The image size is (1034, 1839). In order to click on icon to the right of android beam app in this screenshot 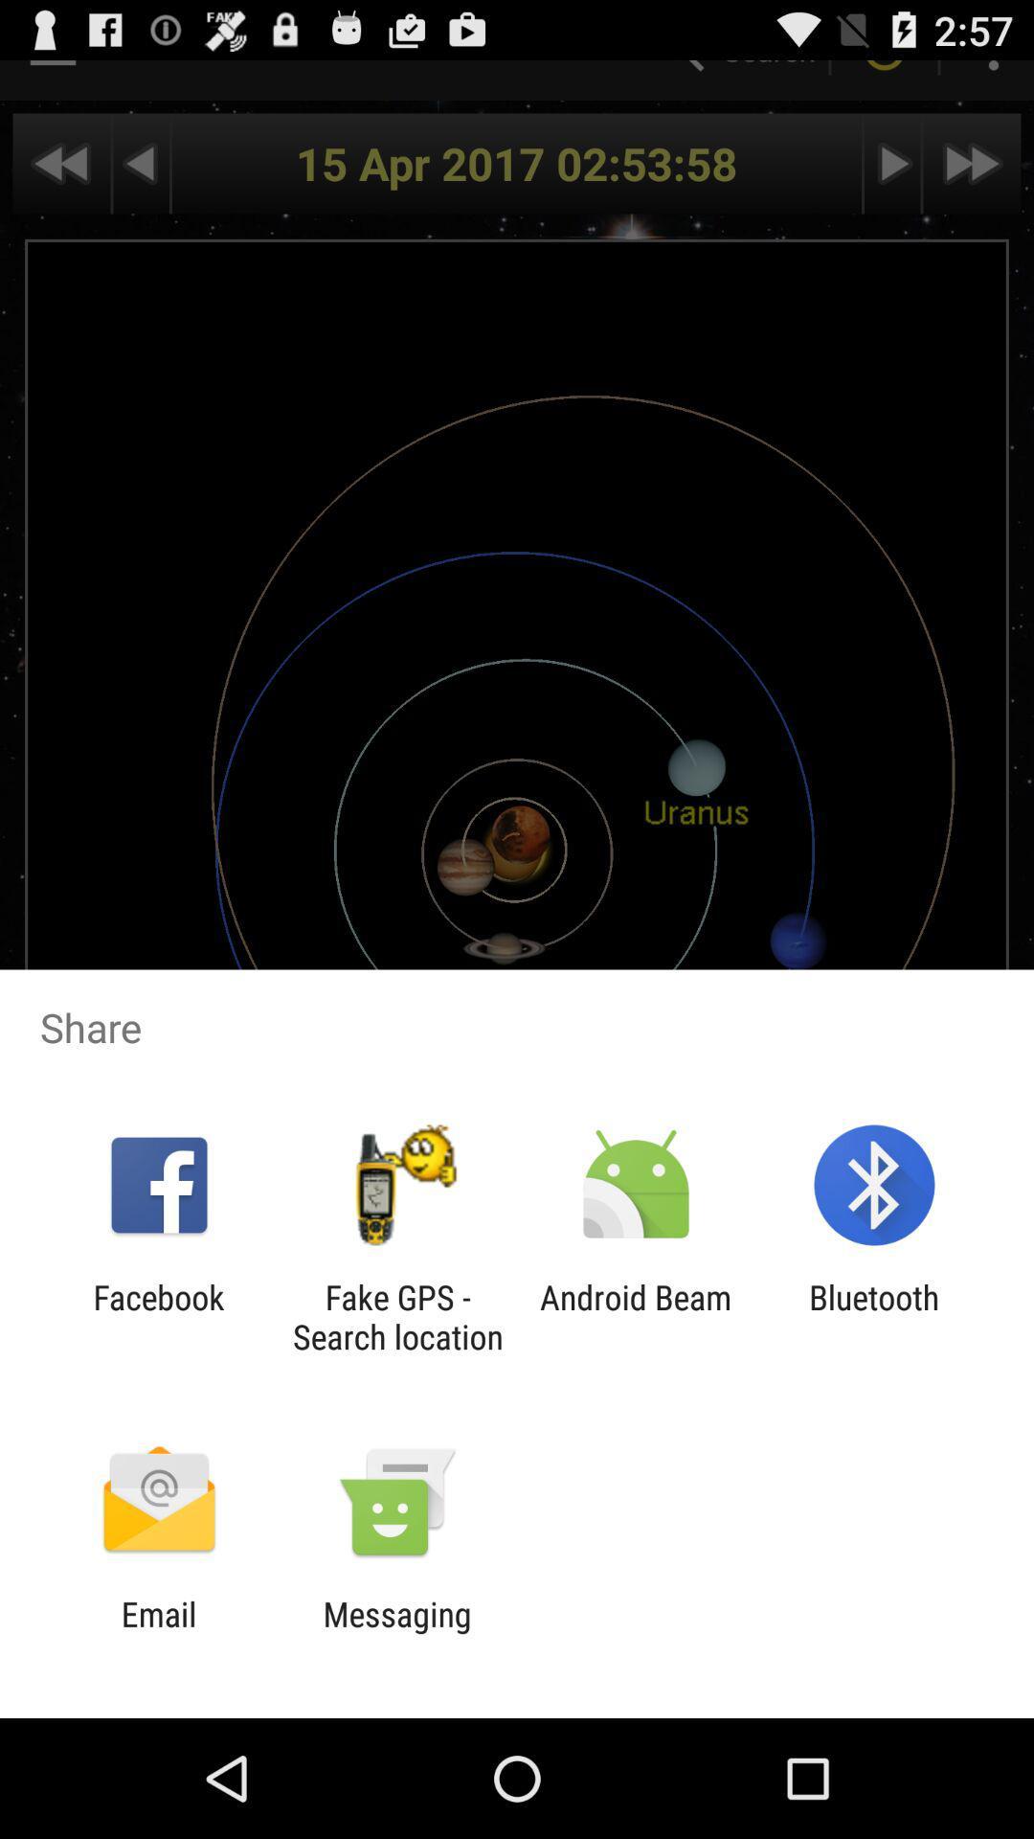, I will do `click(874, 1316)`.